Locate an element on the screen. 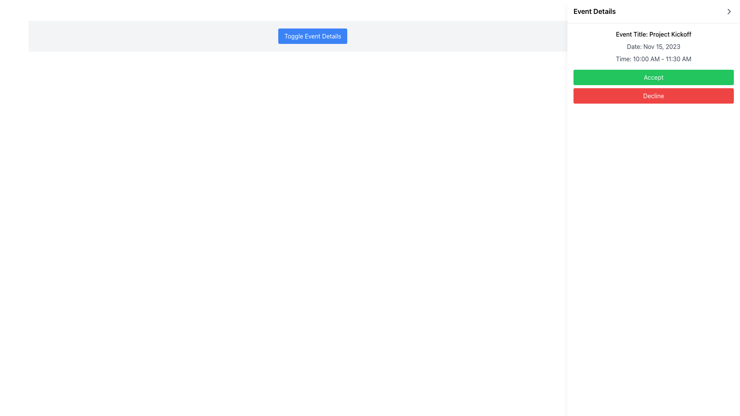 This screenshot has width=740, height=416. the Text label that serves as the title for the event, located at the top of the right-side event details panel is located at coordinates (653, 34).